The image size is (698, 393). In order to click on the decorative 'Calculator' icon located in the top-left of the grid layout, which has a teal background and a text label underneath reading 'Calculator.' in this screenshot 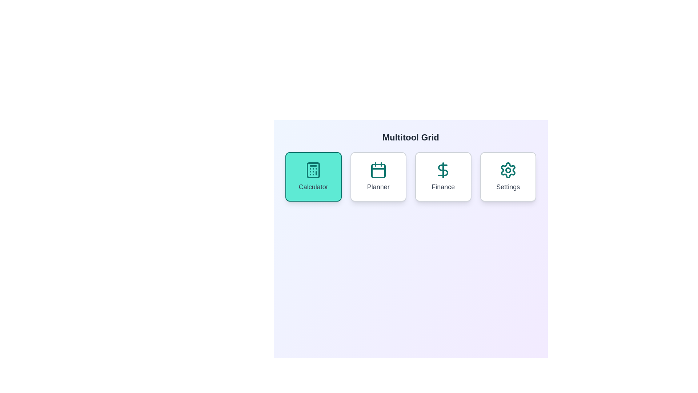, I will do `click(313, 170)`.